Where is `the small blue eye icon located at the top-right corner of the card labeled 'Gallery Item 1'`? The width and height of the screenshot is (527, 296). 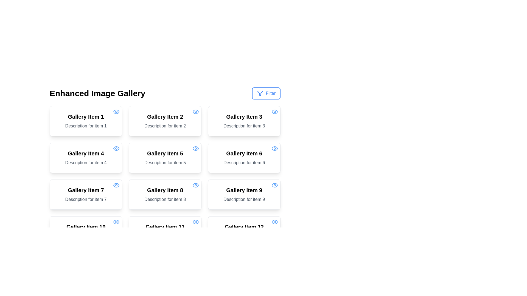
the small blue eye icon located at the top-right corner of the card labeled 'Gallery Item 1' is located at coordinates (116, 112).